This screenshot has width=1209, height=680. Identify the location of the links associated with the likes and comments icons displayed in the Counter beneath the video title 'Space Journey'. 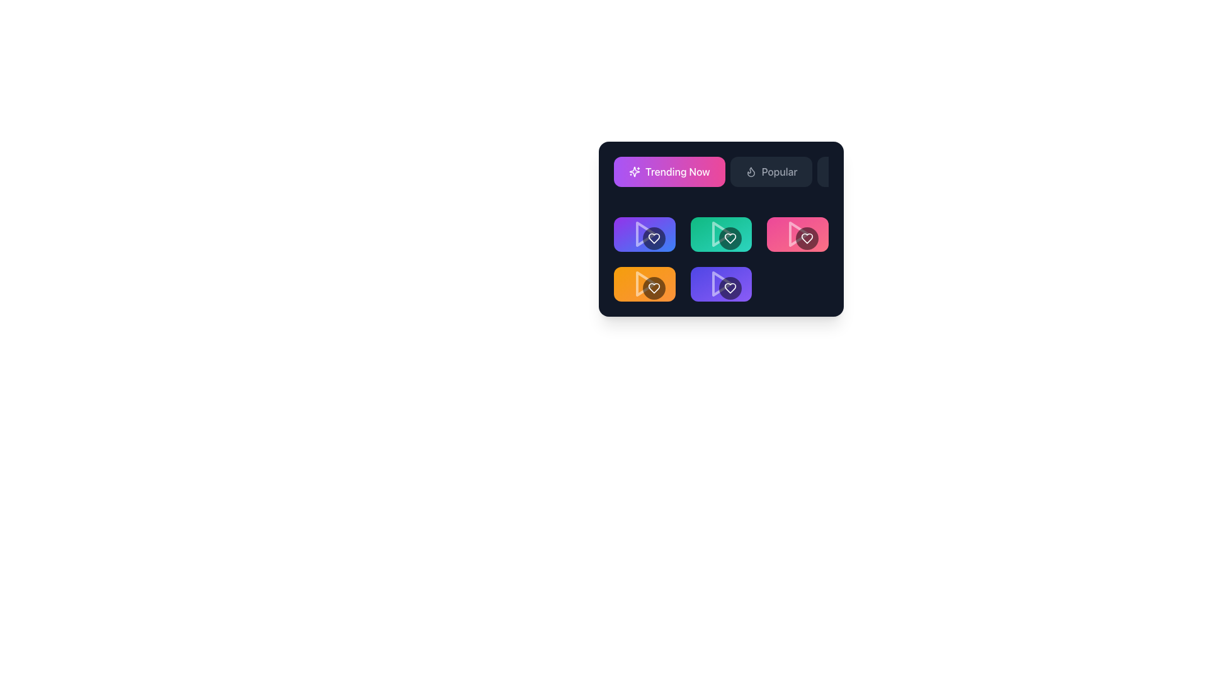
(721, 278).